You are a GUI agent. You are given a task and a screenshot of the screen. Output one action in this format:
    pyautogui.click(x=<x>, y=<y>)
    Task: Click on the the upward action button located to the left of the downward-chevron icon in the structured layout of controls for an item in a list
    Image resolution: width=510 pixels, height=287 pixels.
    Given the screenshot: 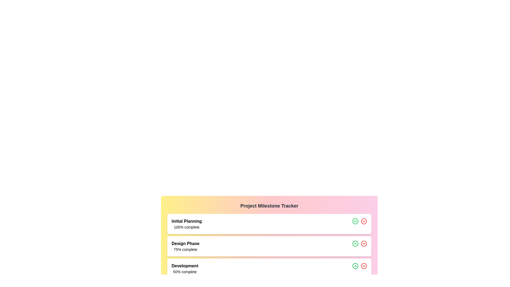 What is the action you would take?
    pyautogui.click(x=355, y=244)
    